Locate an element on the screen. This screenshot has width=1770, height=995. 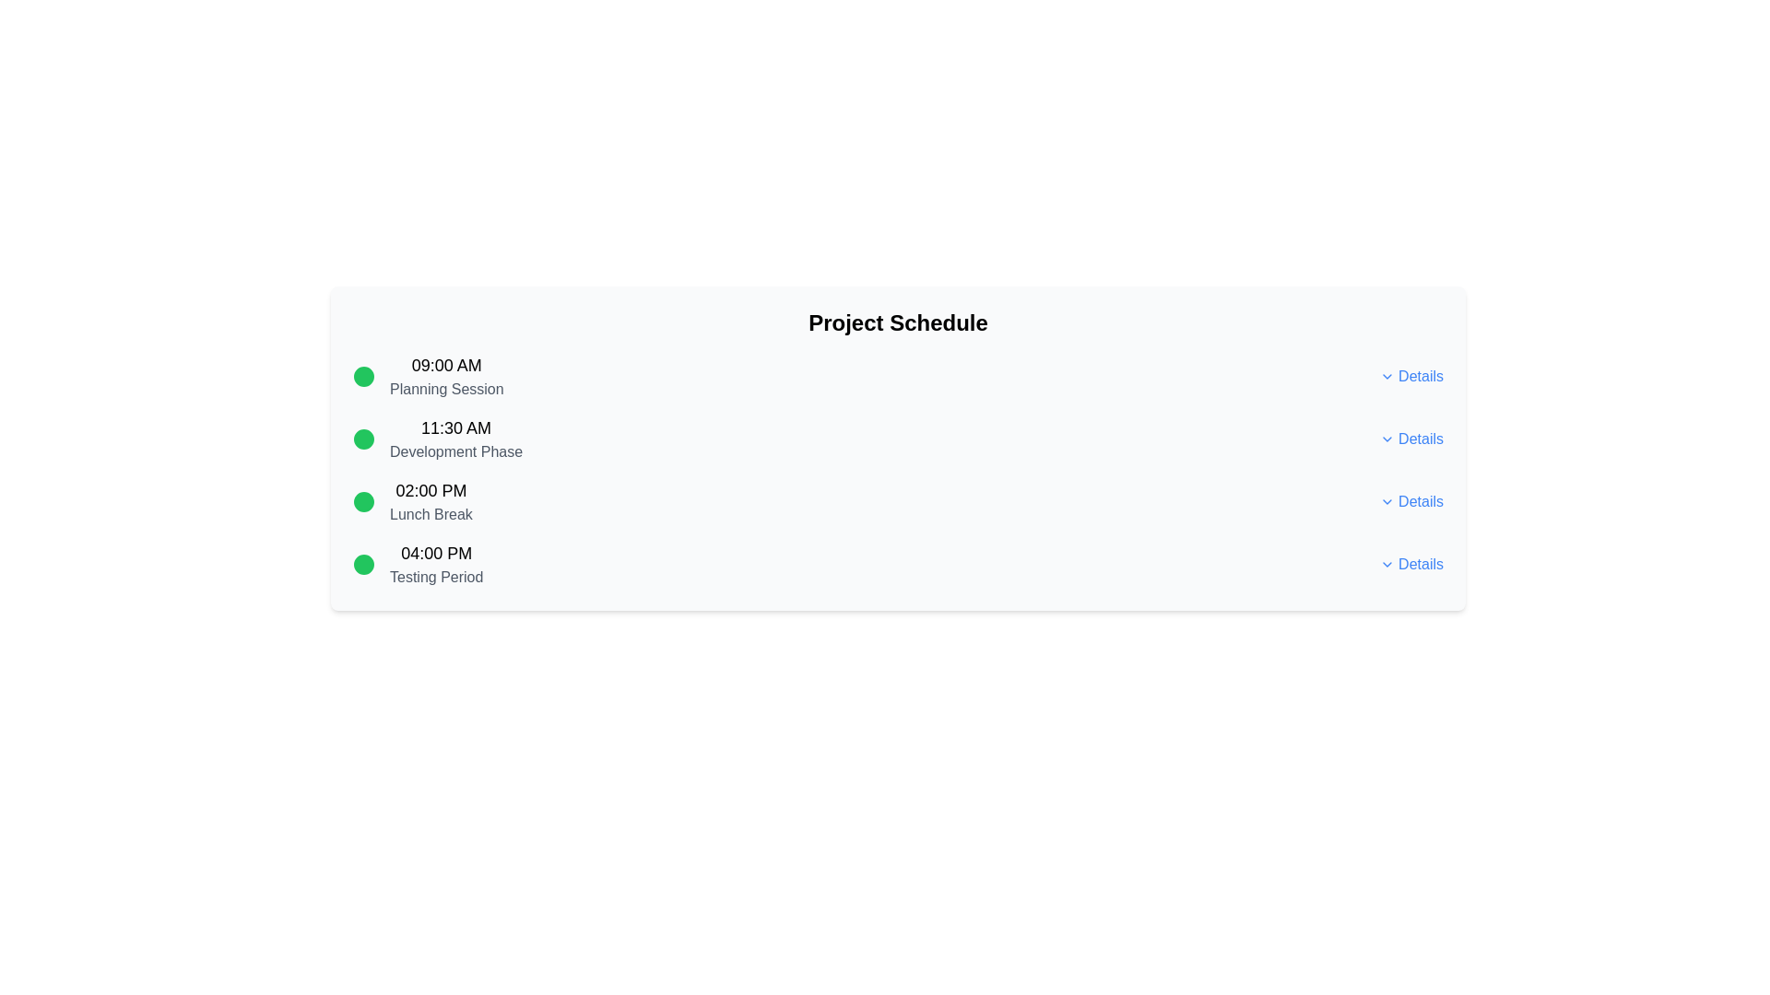
the text label displaying 'Lunch Break' in gray font, located beneath '02:00 PM' in the schedule list is located at coordinates (430, 515).